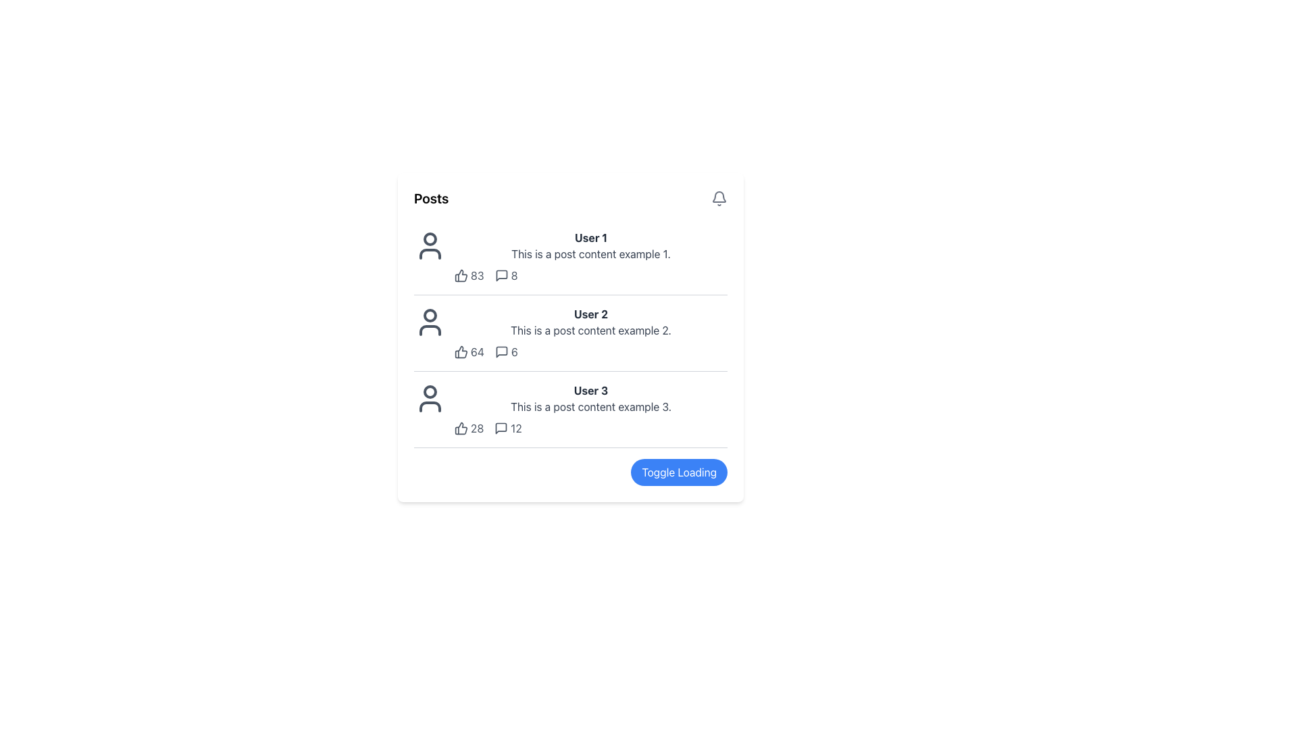 The width and height of the screenshot is (1297, 730). What do you see at coordinates (501, 428) in the screenshot?
I see `the comment icon located in the interaction section of the third post, which is adjacent to the number '12'` at bounding box center [501, 428].